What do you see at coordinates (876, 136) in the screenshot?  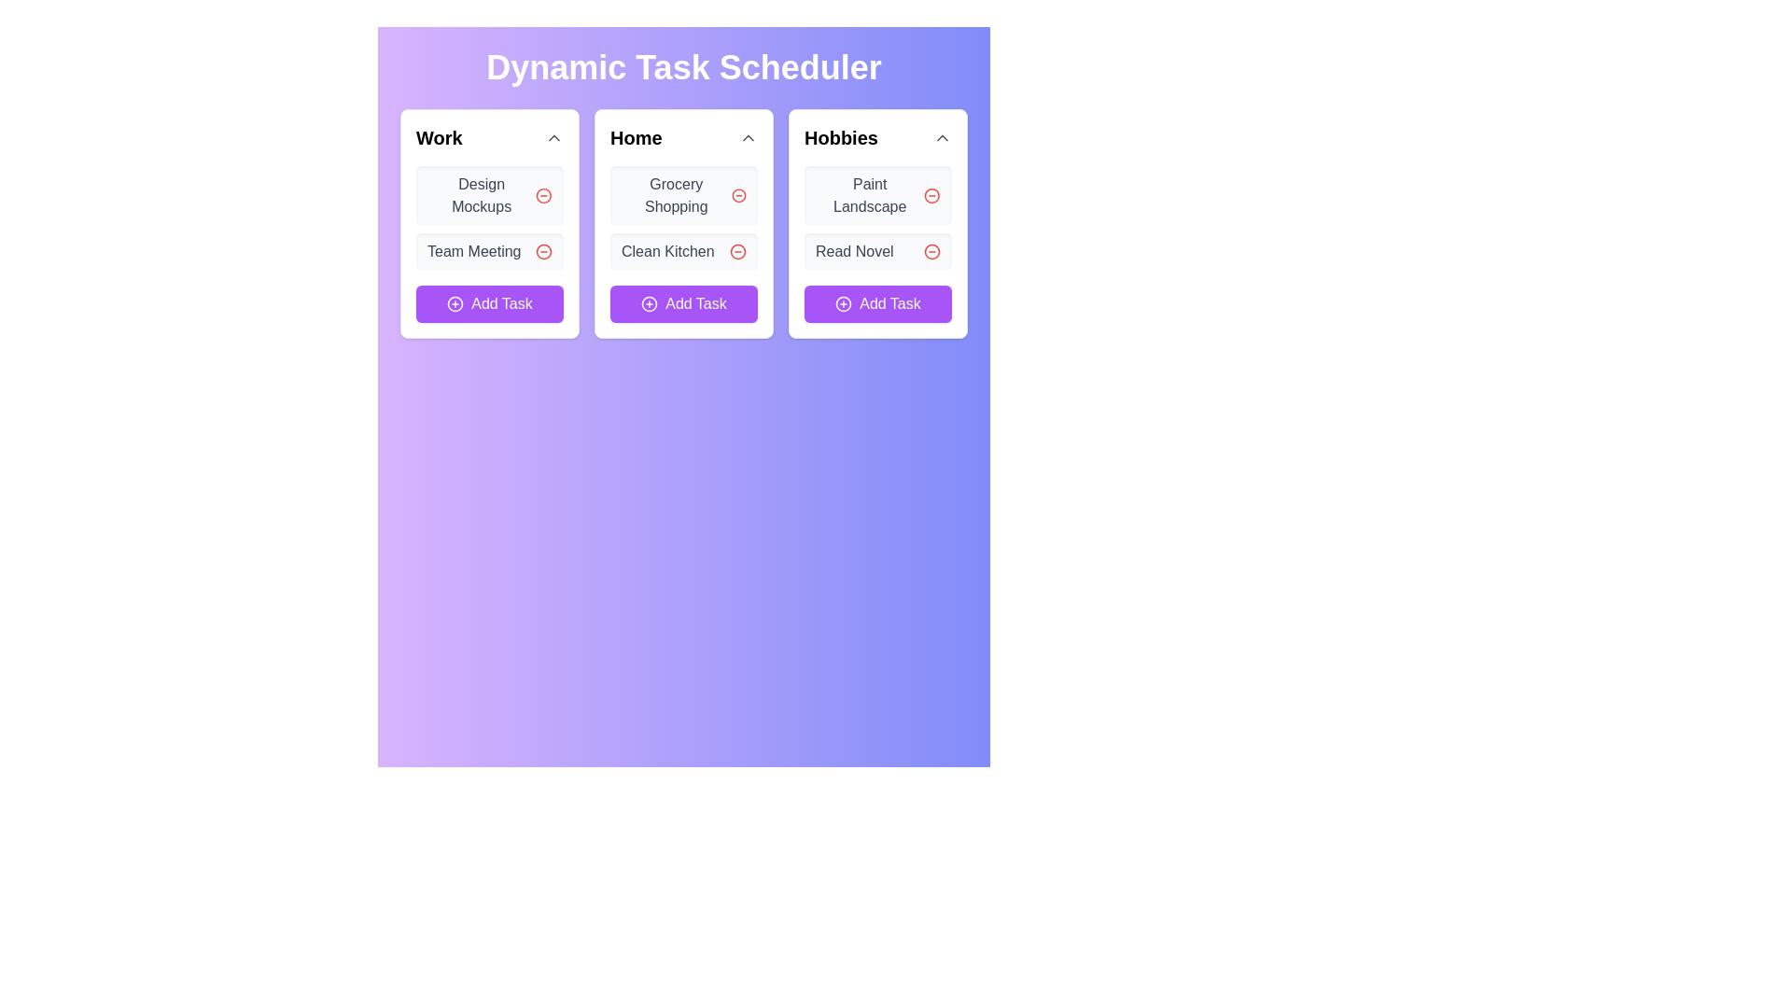 I see `the 'Hobbies' section title element` at bounding box center [876, 136].